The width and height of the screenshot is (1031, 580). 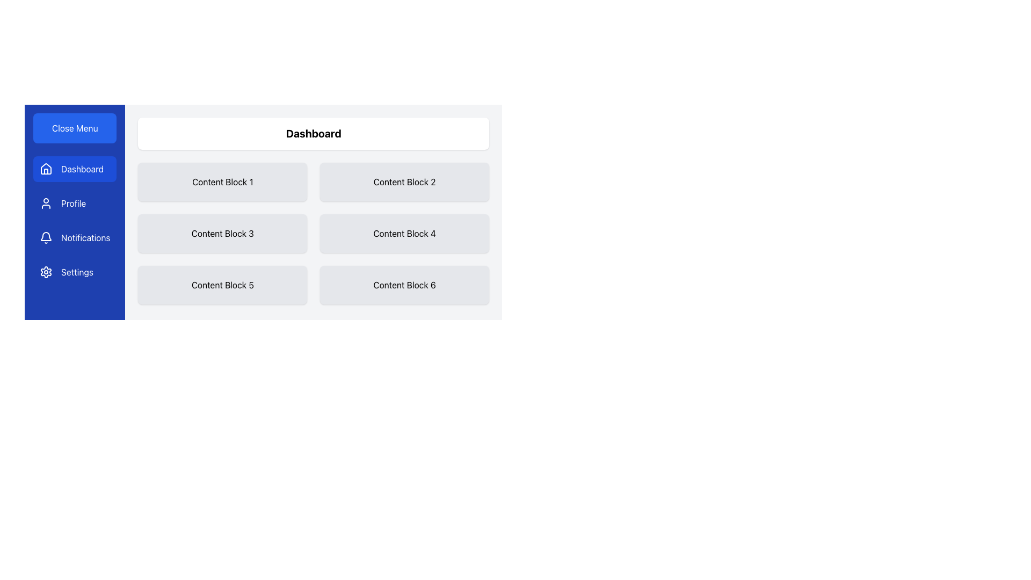 I want to click on the Information Display Block labeled 'Content Block 5', which is a rectangular block with a light gray background and rounded corners, located in the third row and first column of a grid layout, so click(x=222, y=285).